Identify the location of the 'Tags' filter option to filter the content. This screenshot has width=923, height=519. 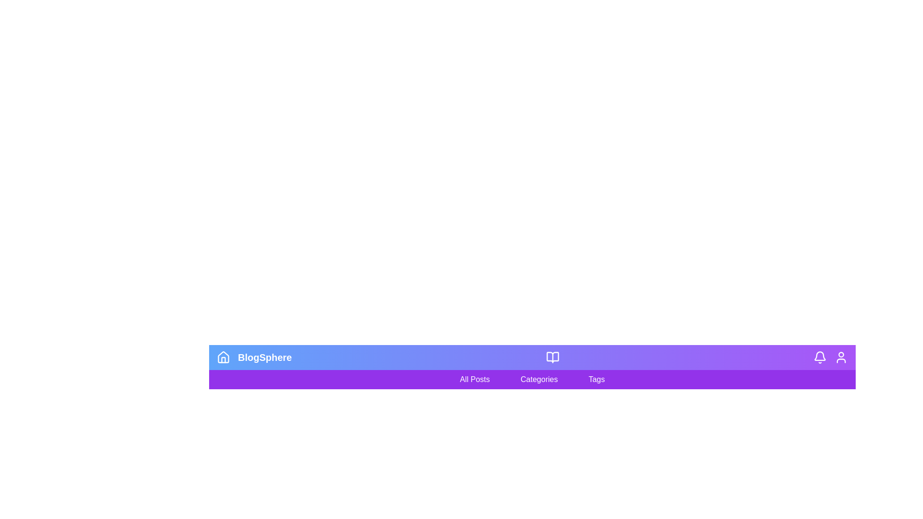
(596, 379).